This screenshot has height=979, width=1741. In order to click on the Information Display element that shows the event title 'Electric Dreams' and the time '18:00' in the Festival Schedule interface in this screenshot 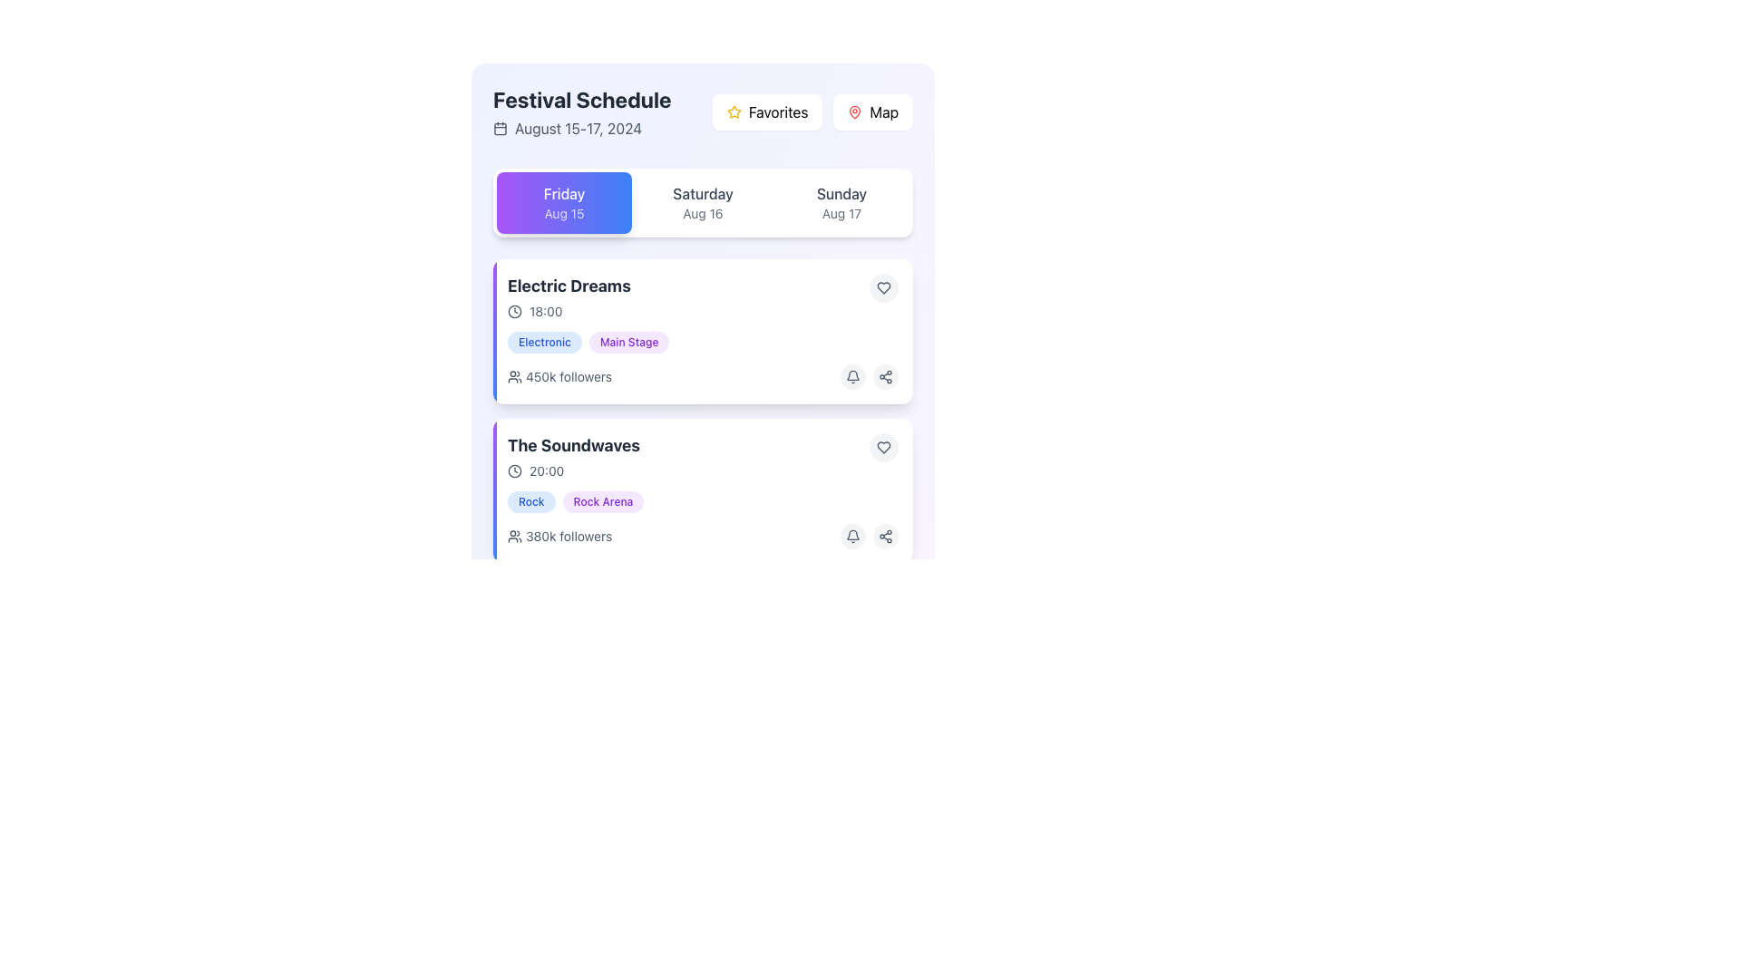, I will do `click(702, 296)`.